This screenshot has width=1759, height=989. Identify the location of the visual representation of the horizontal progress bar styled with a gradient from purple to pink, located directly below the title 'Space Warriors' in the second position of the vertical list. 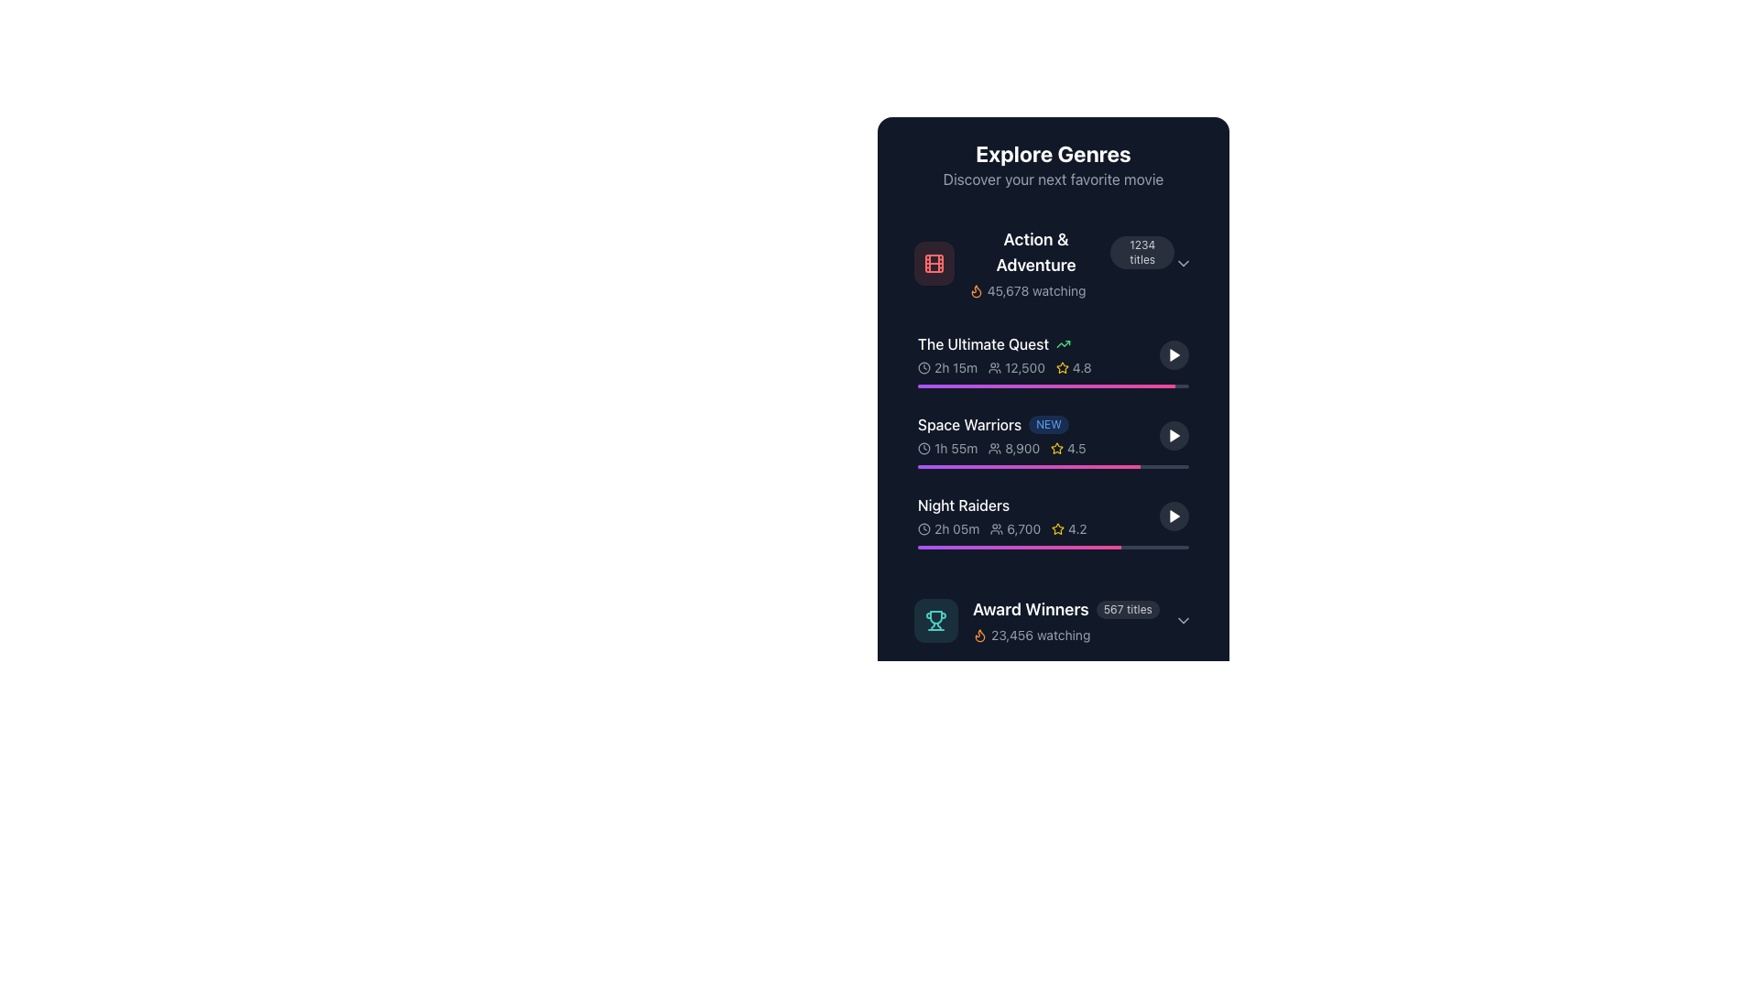
(1054, 465).